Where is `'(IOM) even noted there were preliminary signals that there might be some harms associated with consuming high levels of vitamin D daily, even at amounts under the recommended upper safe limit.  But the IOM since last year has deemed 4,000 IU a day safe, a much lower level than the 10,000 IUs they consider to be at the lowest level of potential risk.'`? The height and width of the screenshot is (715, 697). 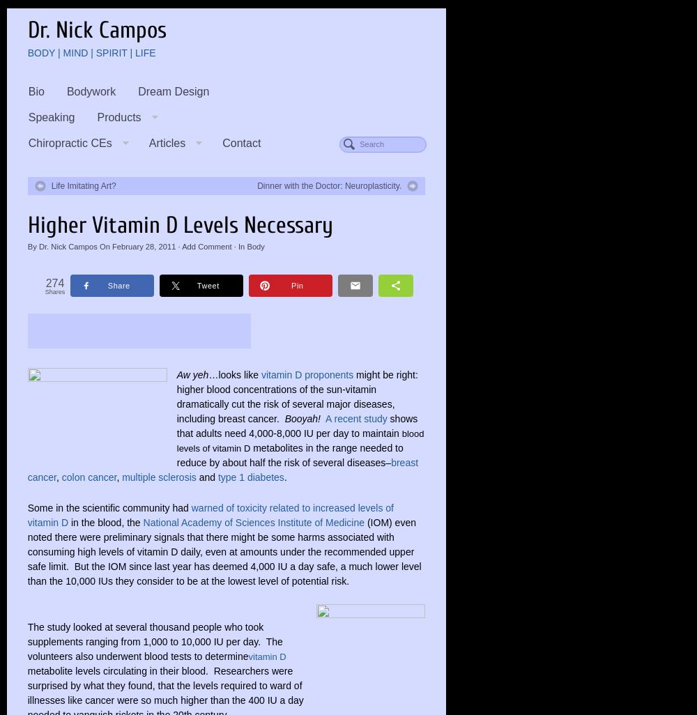 '(IOM) even noted there were preliminary signals that there might be some harms associated with consuming high levels of vitamin D daily, even at amounts under the recommended upper safe limit.  But the IOM since last year has deemed 4,000 IU a day safe, a much lower level than the 10,000 IUs they consider to be at the lowest level of potential risk.' is located at coordinates (223, 551).